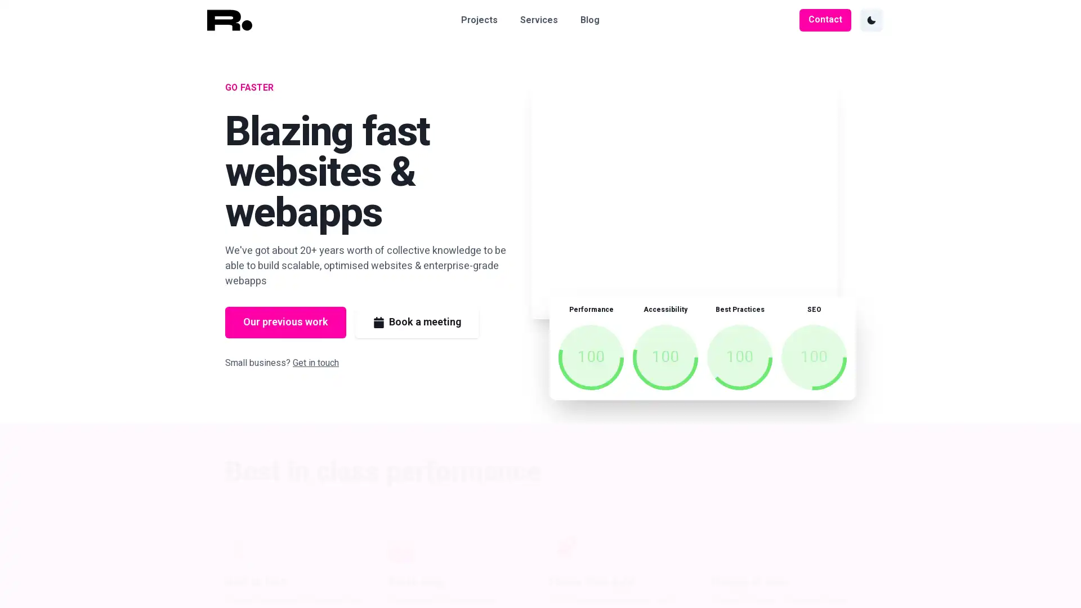 The width and height of the screenshot is (1081, 608). Describe the element at coordinates (285, 323) in the screenshot. I see `Our previous work` at that location.